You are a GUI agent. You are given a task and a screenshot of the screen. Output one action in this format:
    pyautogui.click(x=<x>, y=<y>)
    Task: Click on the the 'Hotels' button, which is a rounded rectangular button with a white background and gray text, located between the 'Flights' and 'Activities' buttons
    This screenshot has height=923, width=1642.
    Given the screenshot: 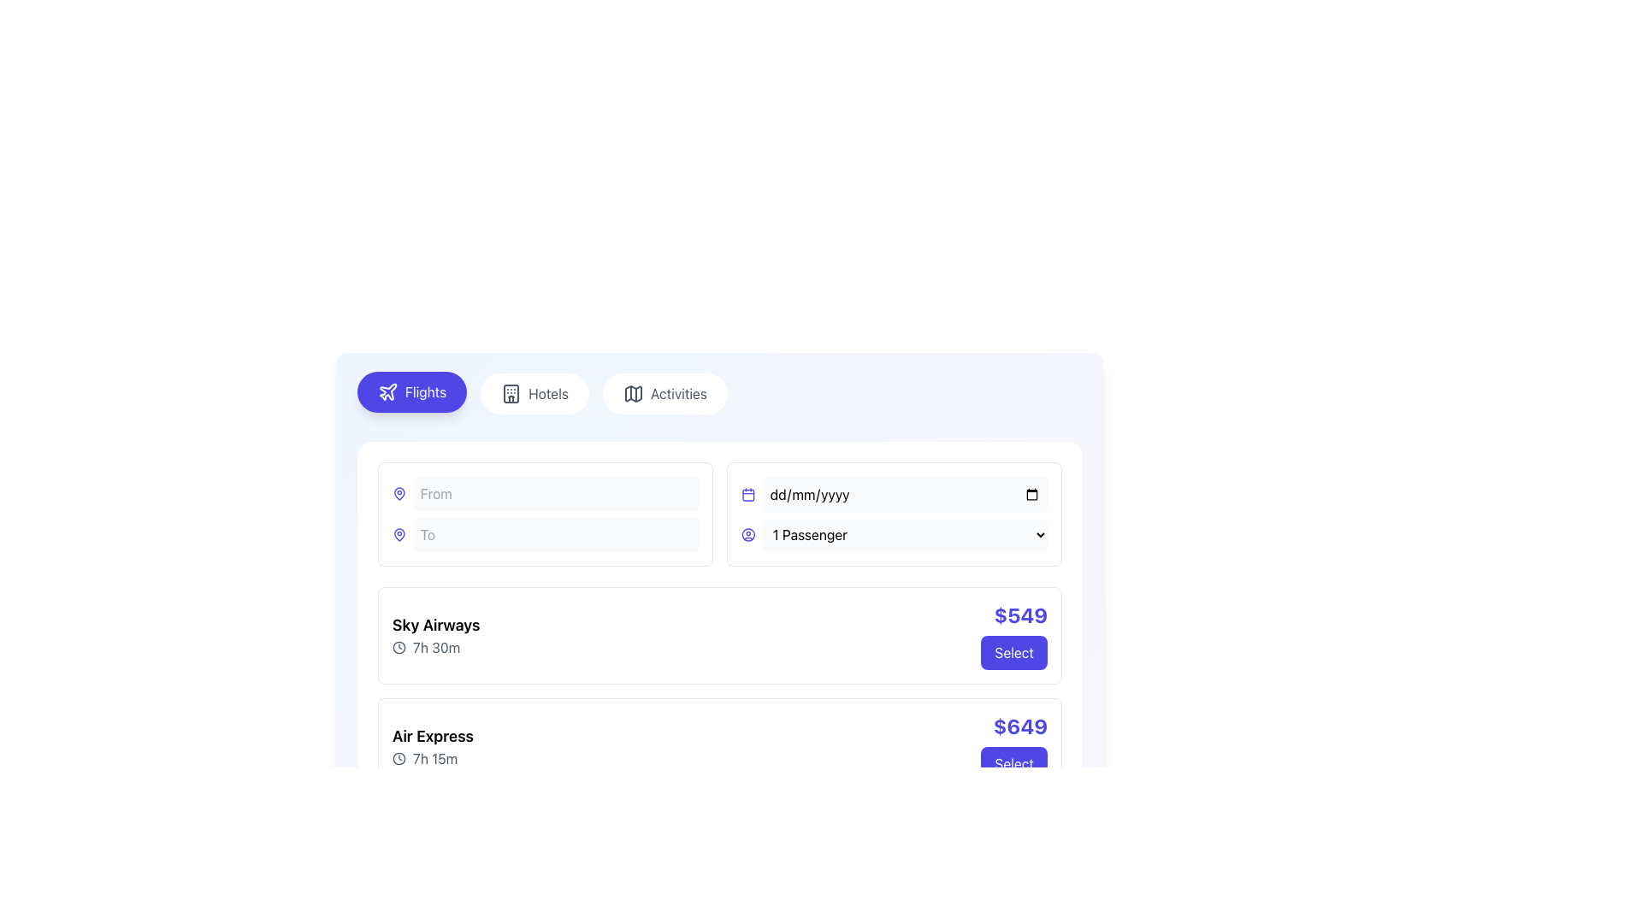 What is the action you would take?
    pyautogui.click(x=534, y=394)
    